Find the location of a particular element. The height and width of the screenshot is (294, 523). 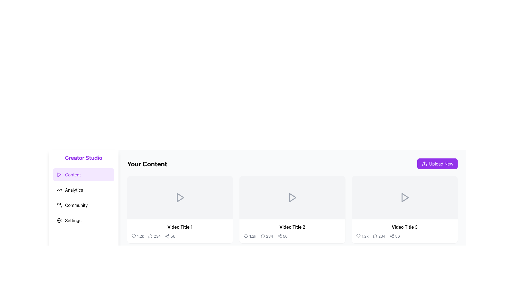

the heart icon representing likes in the content card for 'Video Title 1' is located at coordinates (133, 236).